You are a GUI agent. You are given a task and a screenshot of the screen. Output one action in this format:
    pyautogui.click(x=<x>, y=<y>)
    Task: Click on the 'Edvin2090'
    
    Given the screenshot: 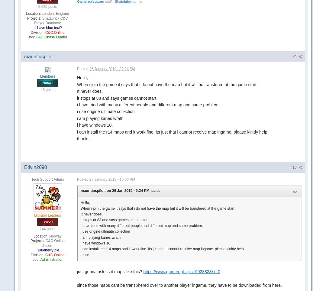 What is the action you would take?
    pyautogui.click(x=35, y=167)
    